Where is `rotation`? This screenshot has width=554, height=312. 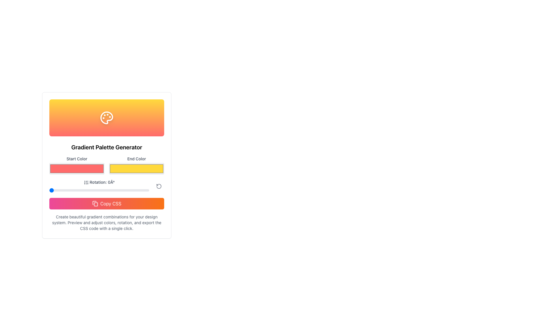
rotation is located at coordinates (87, 190).